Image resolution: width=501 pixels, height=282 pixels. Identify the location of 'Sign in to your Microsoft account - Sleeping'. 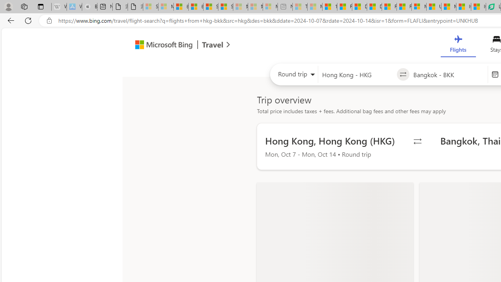
(151, 7).